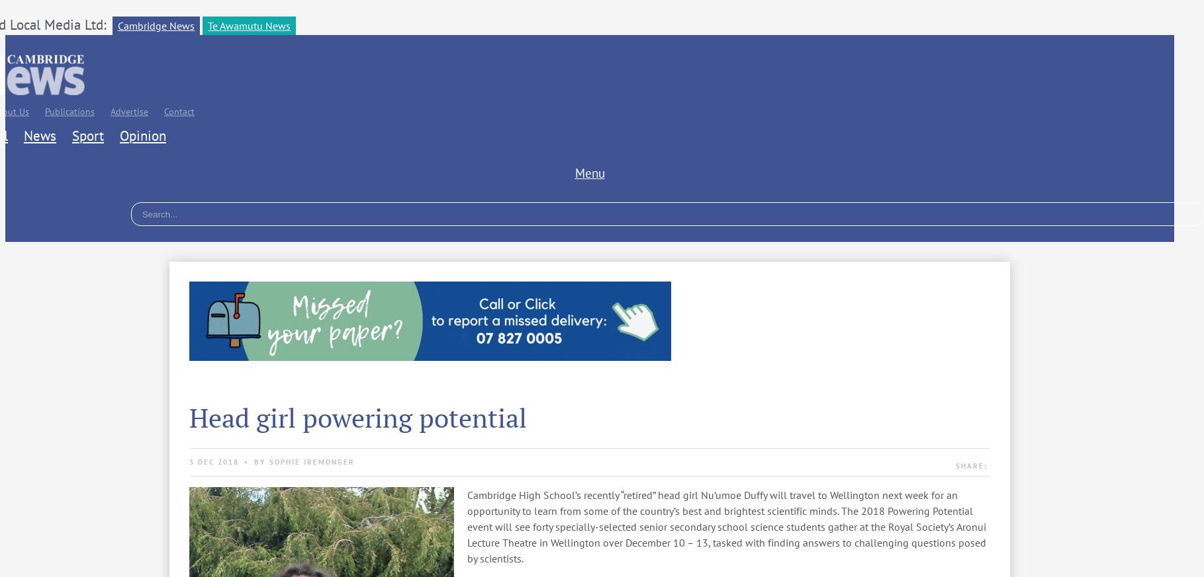  I want to click on 'Contact', so click(179, 111).